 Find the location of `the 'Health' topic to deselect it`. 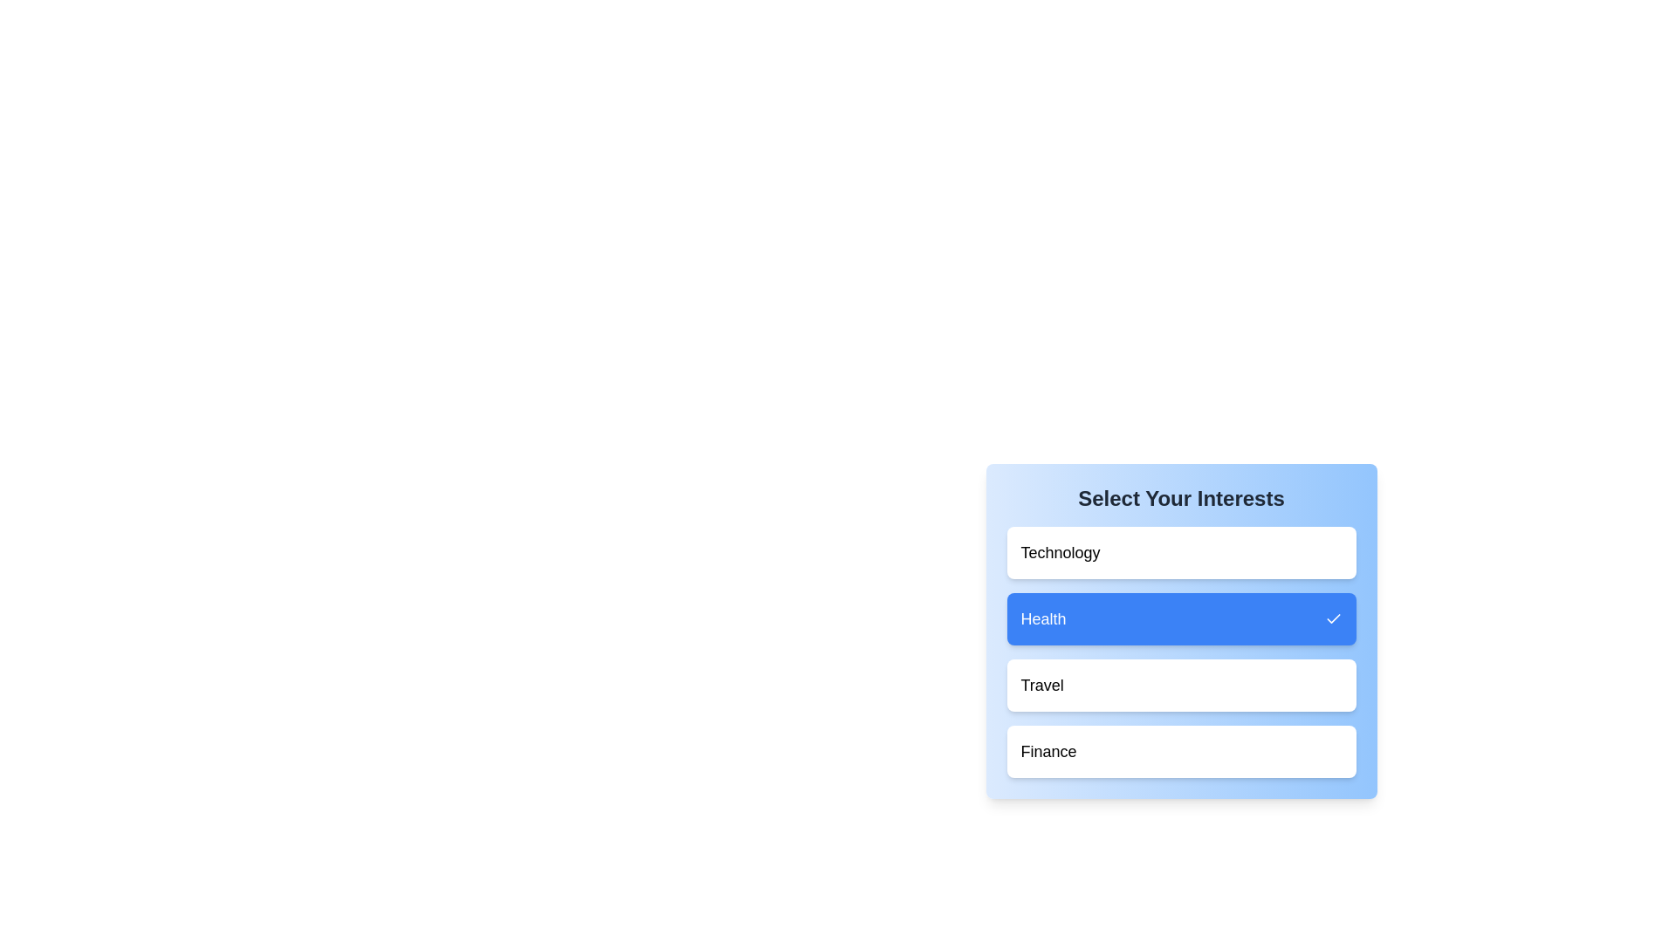

the 'Health' topic to deselect it is located at coordinates (1181, 618).